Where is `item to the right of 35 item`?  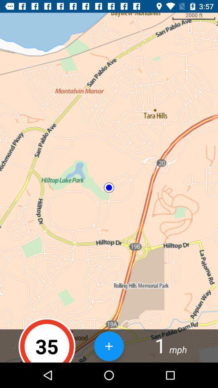 item to the right of 35 item is located at coordinates (109, 346).